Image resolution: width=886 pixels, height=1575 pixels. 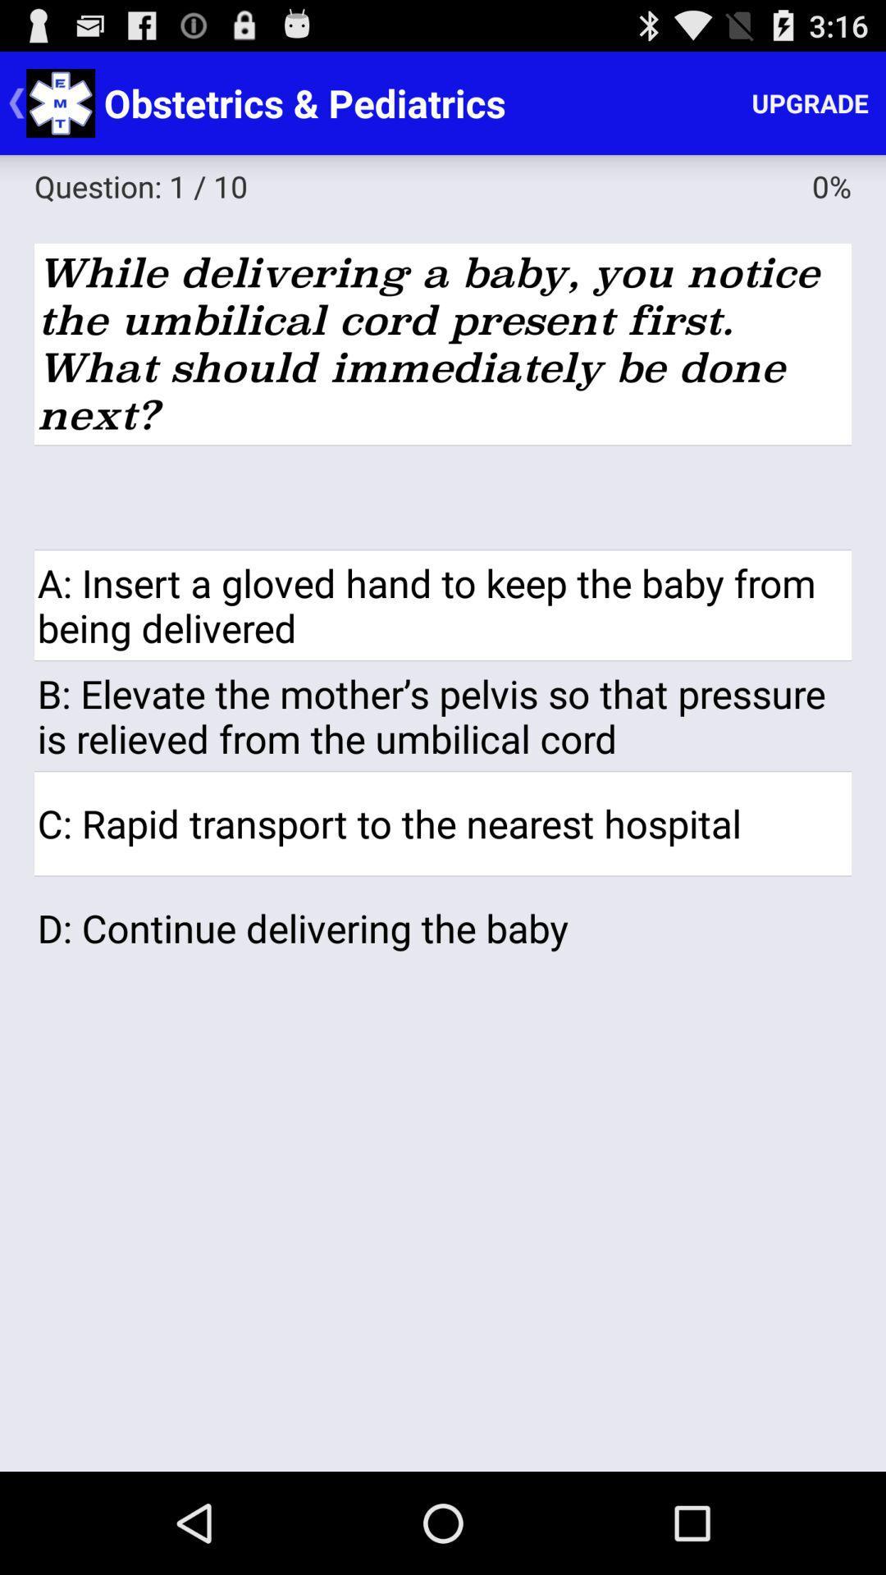 What do you see at coordinates (443, 716) in the screenshot?
I see `item below a insert a item` at bounding box center [443, 716].